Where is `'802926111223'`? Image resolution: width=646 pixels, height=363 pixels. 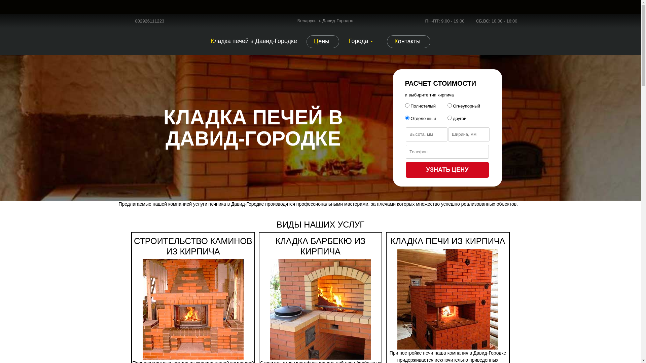 '802926111223' is located at coordinates (149, 21).